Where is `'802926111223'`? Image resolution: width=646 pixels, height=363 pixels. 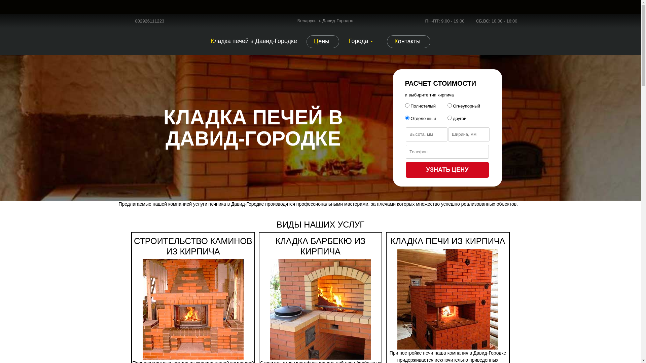 '802926111223' is located at coordinates (149, 21).